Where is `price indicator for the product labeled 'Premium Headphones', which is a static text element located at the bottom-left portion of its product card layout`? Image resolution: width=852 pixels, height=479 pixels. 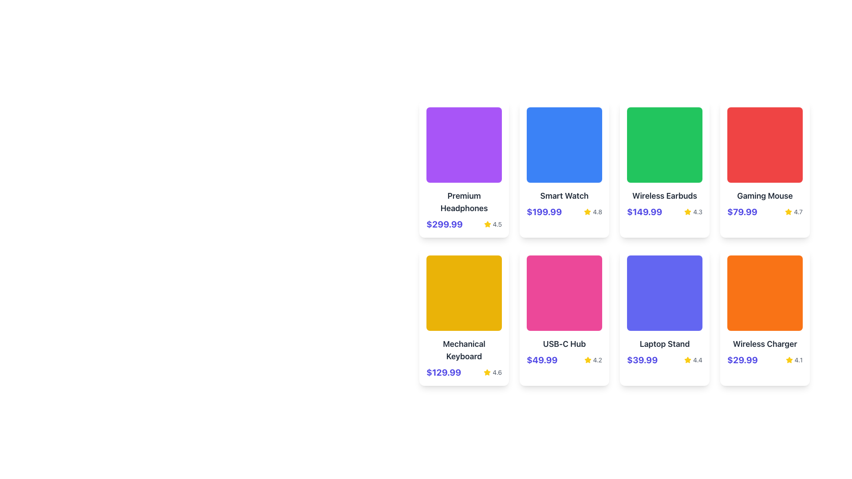 price indicator for the product labeled 'Premium Headphones', which is a static text element located at the bottom-left portion of its product card layout is located at coordinates (444, 224).